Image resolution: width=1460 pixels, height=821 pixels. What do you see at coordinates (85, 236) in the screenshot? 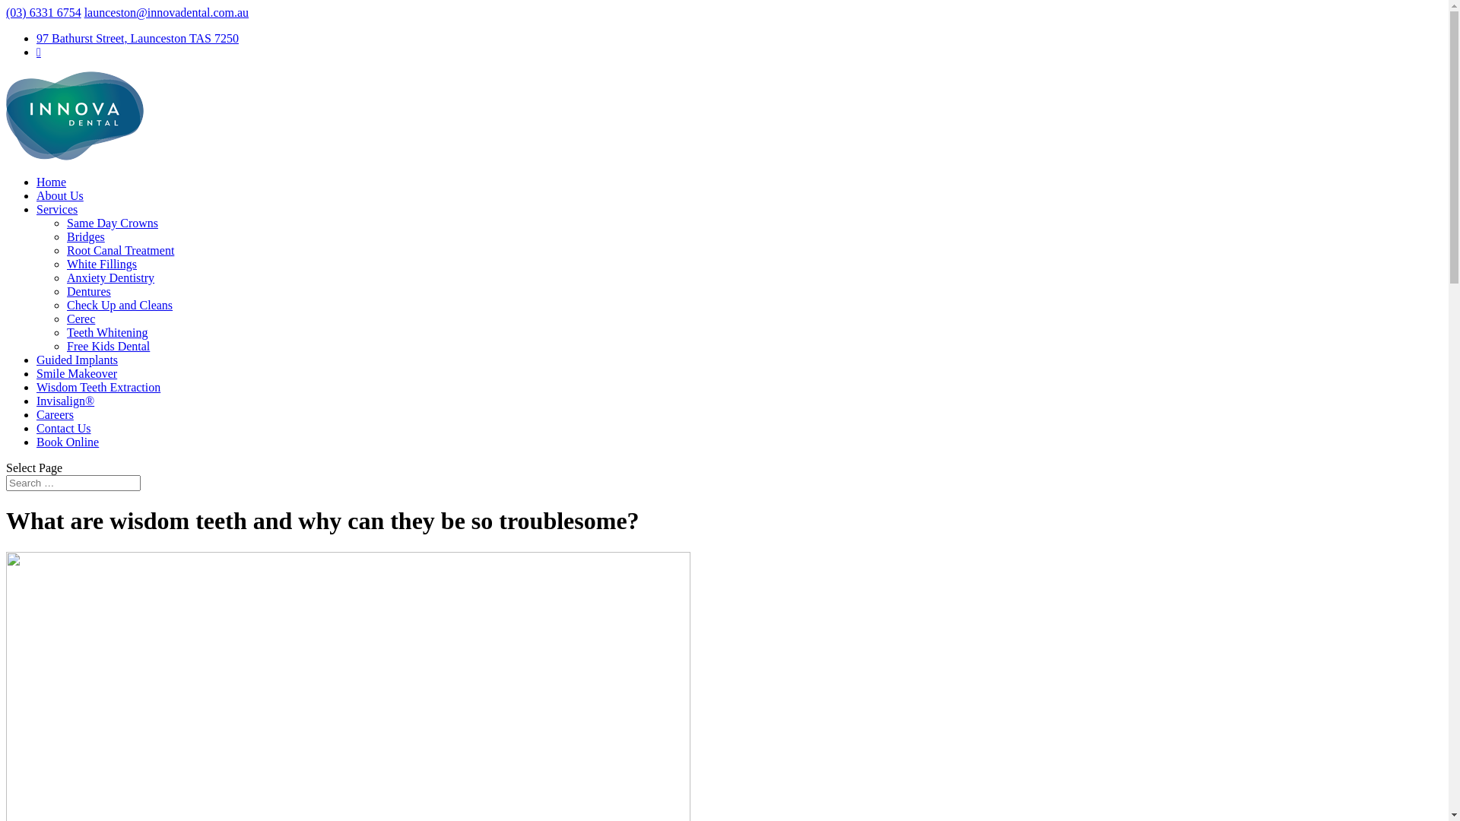
I see `'Bridges'` at bounding box center [85, 236].